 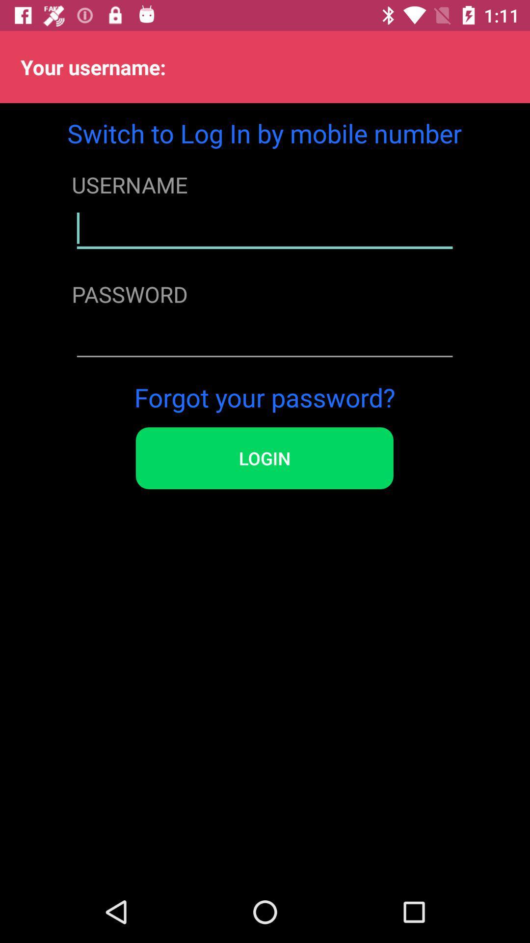 I want to click on login icon, so click(x=264, y=457).